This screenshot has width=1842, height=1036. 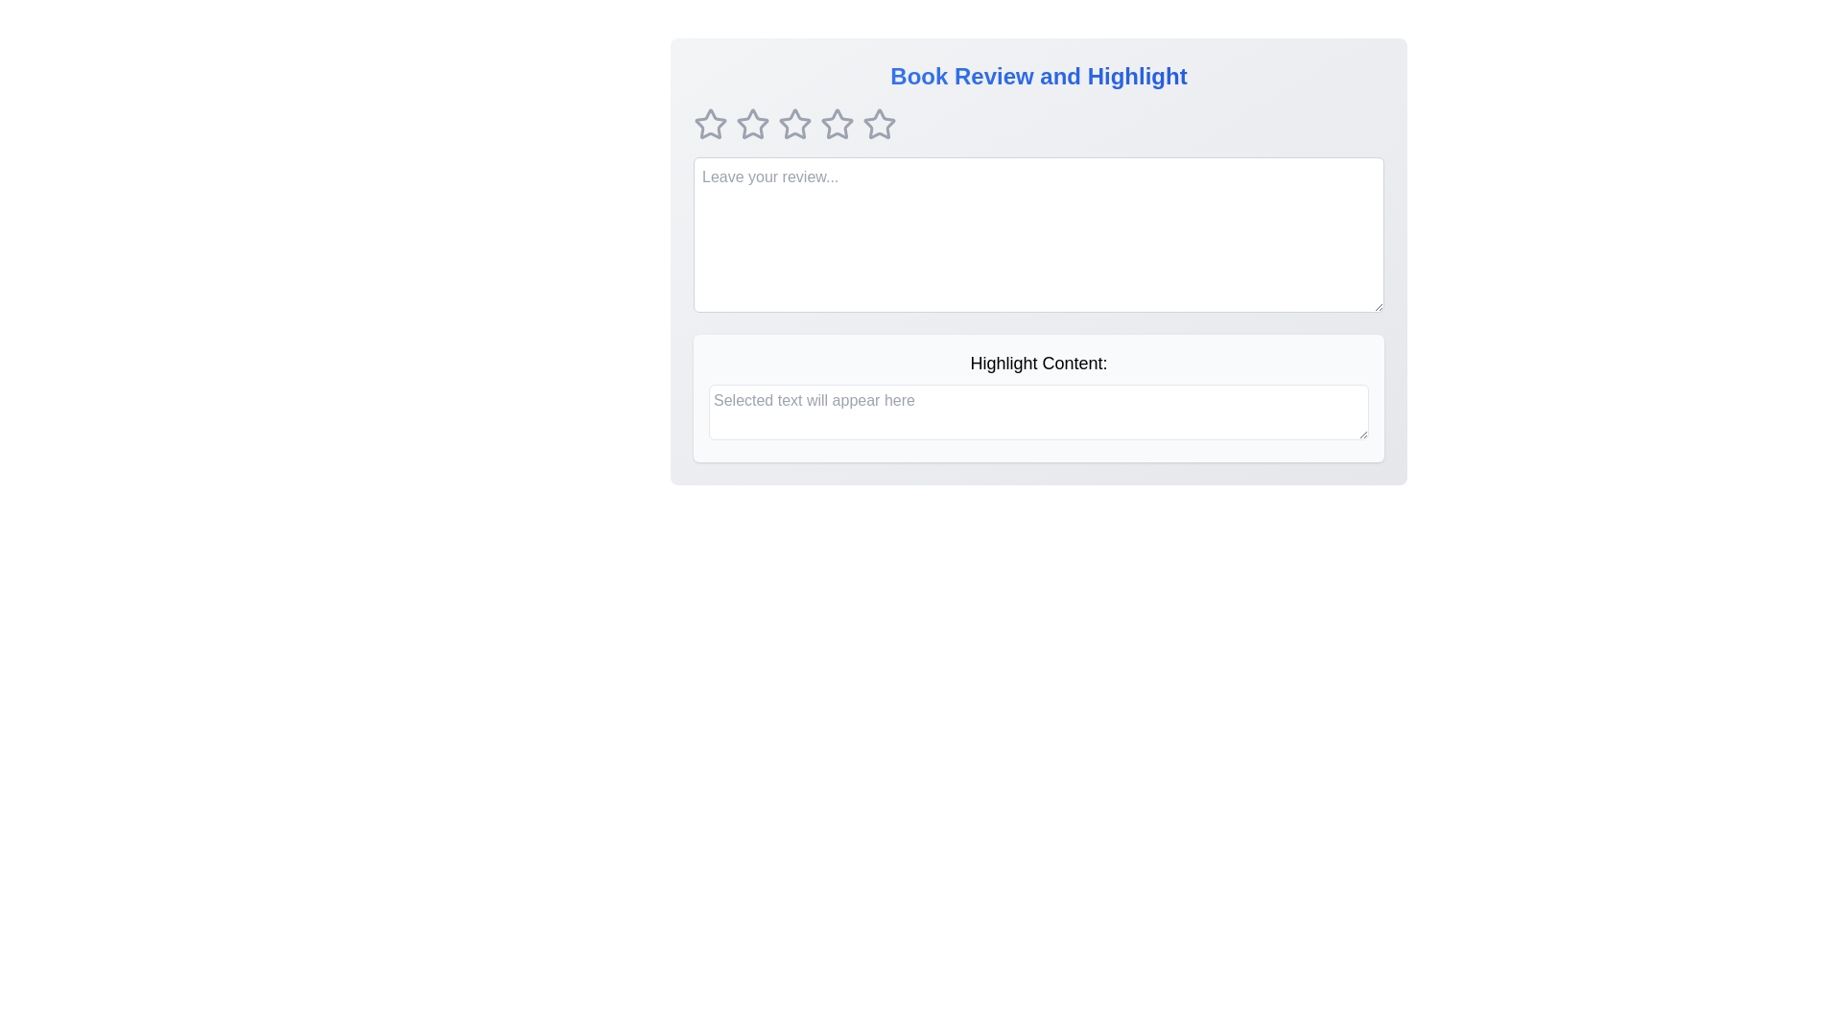 I want to click on the rating to 1 stars by clicking on the corresponding star icon, so click(x=709, y=125).